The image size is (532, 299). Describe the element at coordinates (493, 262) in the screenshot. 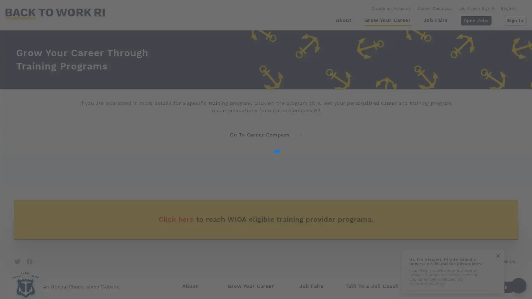

I see `not favorite Favorite` at that location.